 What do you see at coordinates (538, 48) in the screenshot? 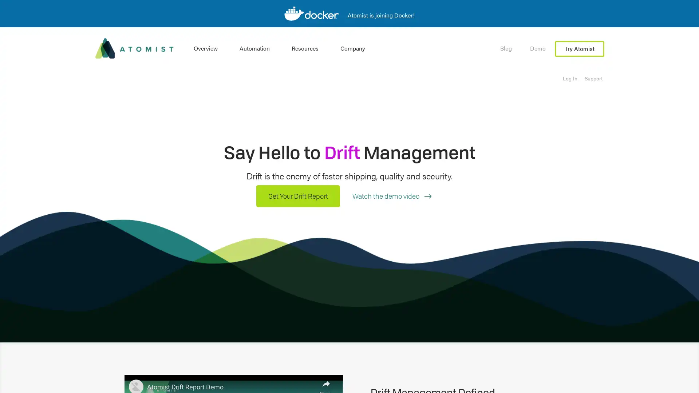
I see `Demo` at bounding box center [538, 48].